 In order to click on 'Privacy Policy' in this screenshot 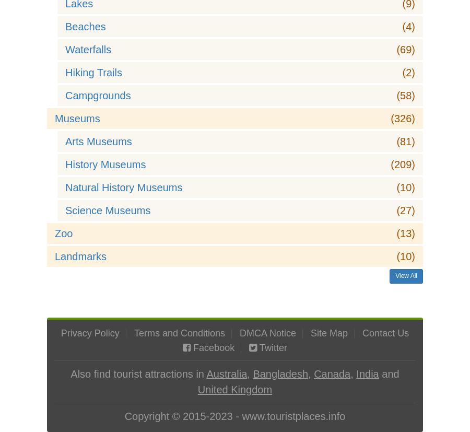, I will do `click(89, 333)`.